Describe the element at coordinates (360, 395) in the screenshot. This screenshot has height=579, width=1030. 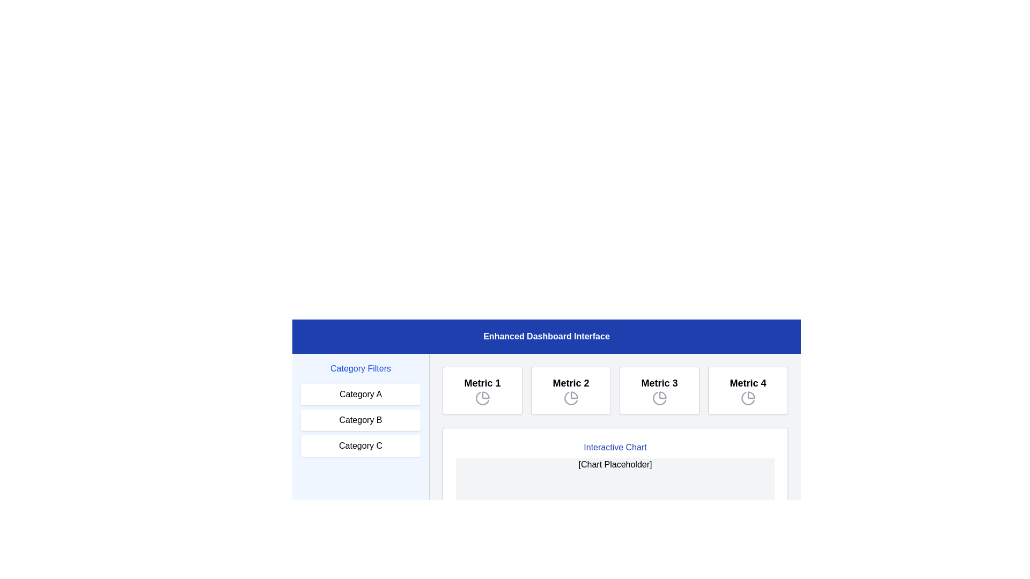
I see `the 'Category A' button using keyboard navigation` at that location.